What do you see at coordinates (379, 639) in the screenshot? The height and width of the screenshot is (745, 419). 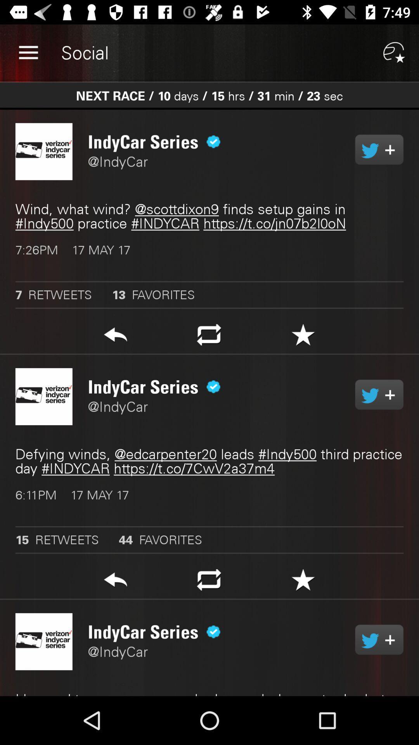 I see `shows twitter icon` at bounding box center [379, 639].